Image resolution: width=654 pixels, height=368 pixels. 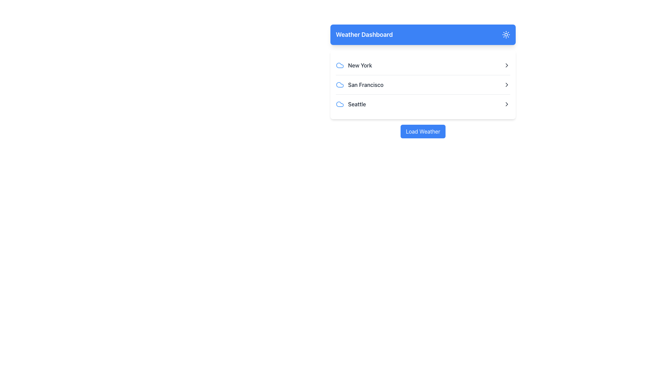 I want to click on to select the 'San Francisco' city entry in the weather-related list under the 'Weather Dashboard', so click(x=423, y=81).